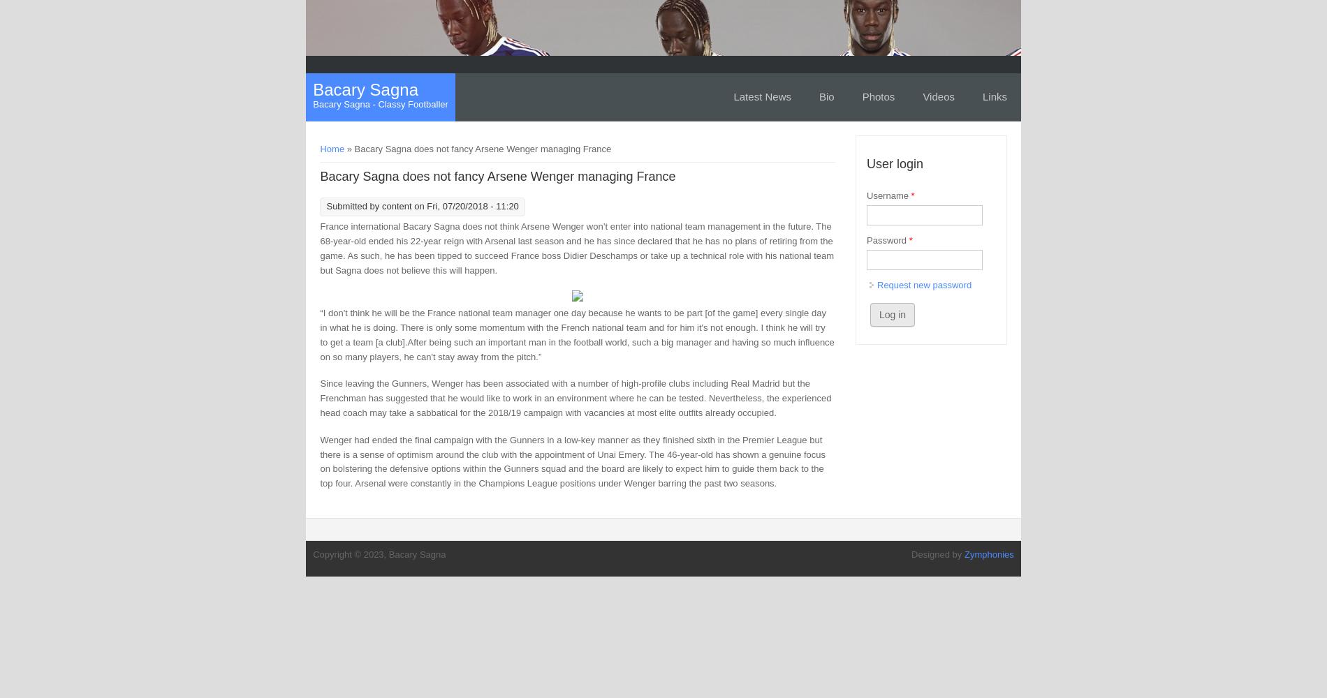  Describe the element at coordinates (353, 206) in the screenshot. I see `'Submitted by'` at that location.